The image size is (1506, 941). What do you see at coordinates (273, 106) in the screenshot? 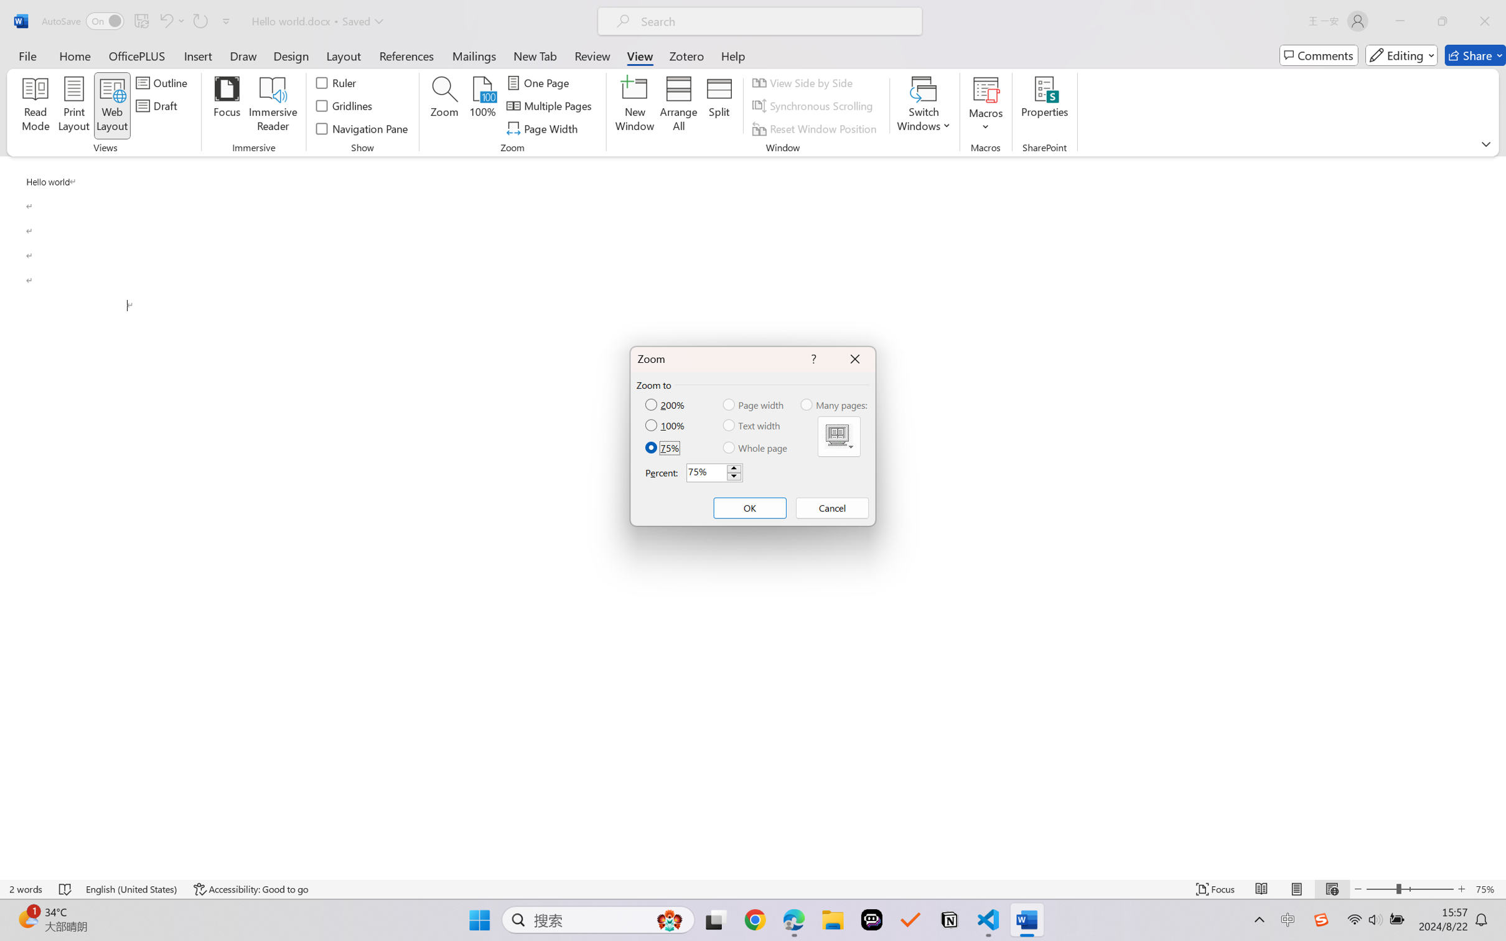
I see `'Immersive Reader'` at bounding box center [273, 106].